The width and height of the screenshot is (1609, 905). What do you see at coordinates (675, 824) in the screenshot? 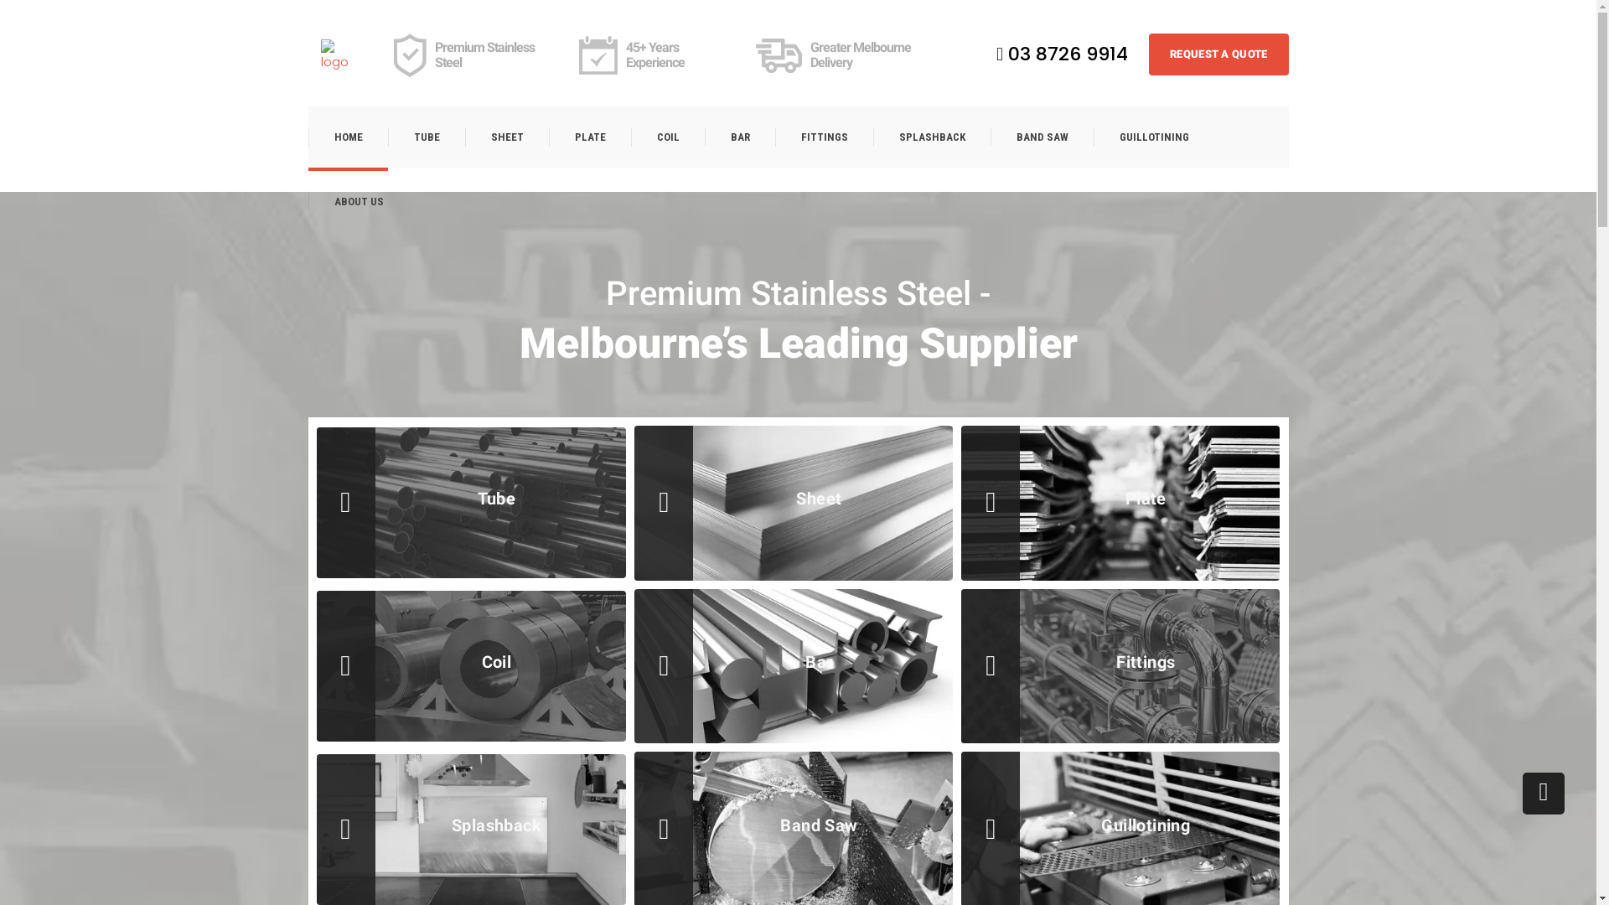
I see `'Band Saw'` at bounding box center [675, 824].